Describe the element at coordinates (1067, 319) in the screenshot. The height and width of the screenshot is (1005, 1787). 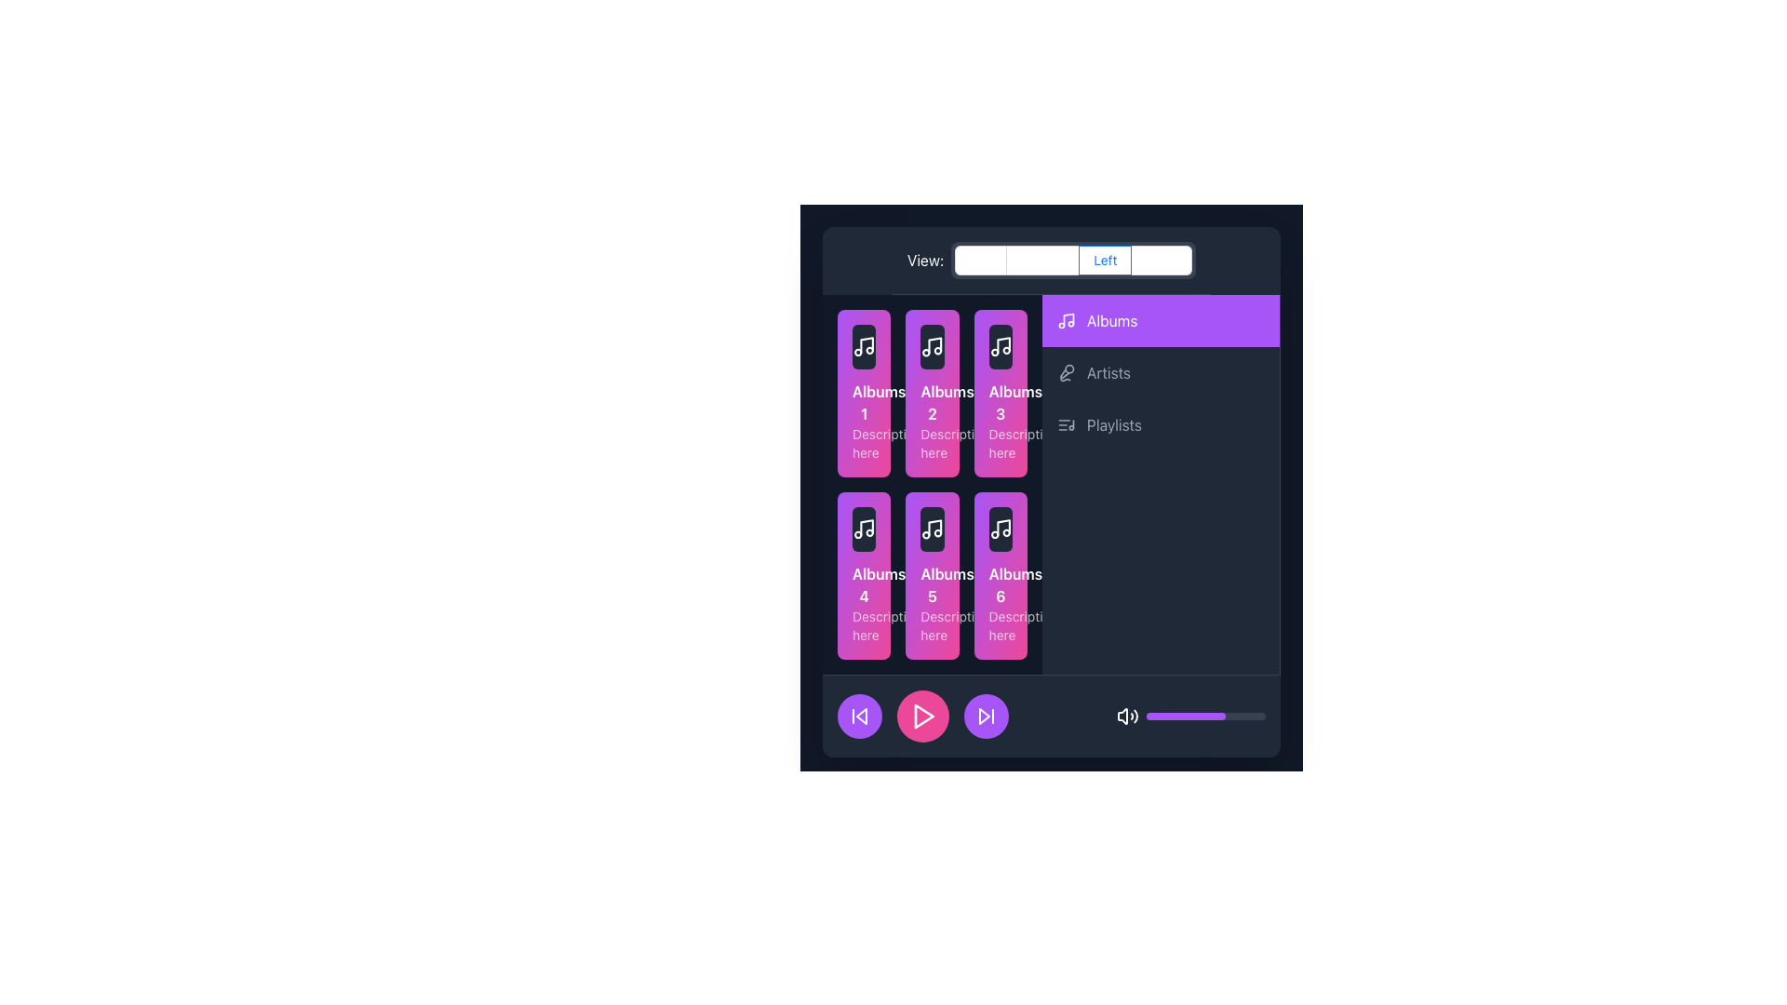
I see `the musical note icon with a circular background, which is the first element on the left of the 'Albums' menu option in the vertical navigation menu` at that location.